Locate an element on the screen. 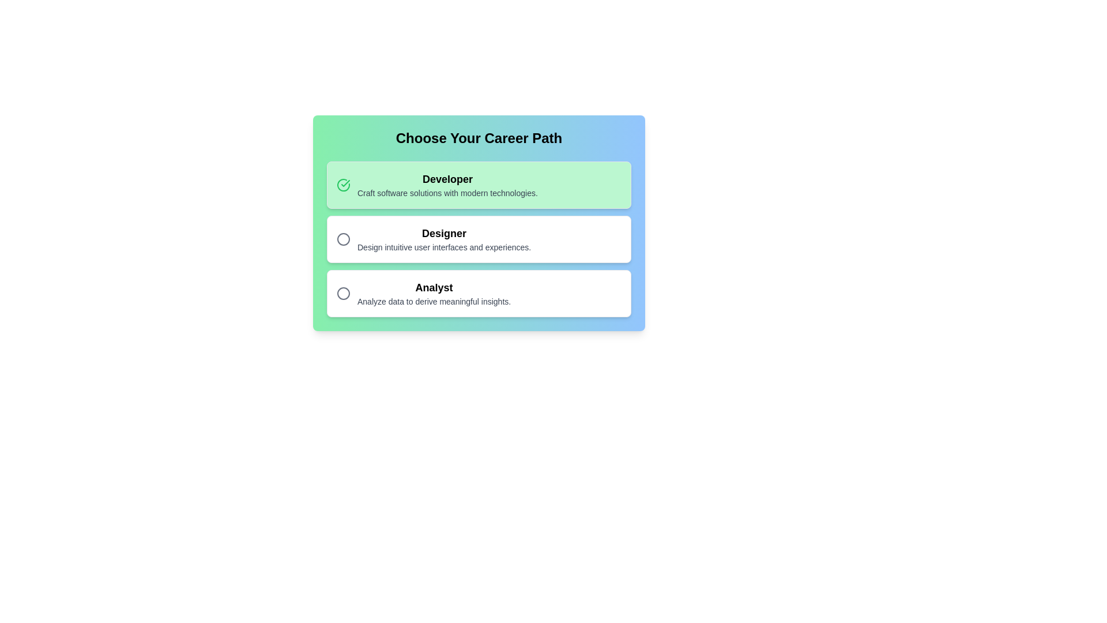 This screenshot has height=623, width=1107. the bolded text label displaying 'Analyst' located at the top of the third option block in a vertical list of career choices is located at coordinates (434, 287).